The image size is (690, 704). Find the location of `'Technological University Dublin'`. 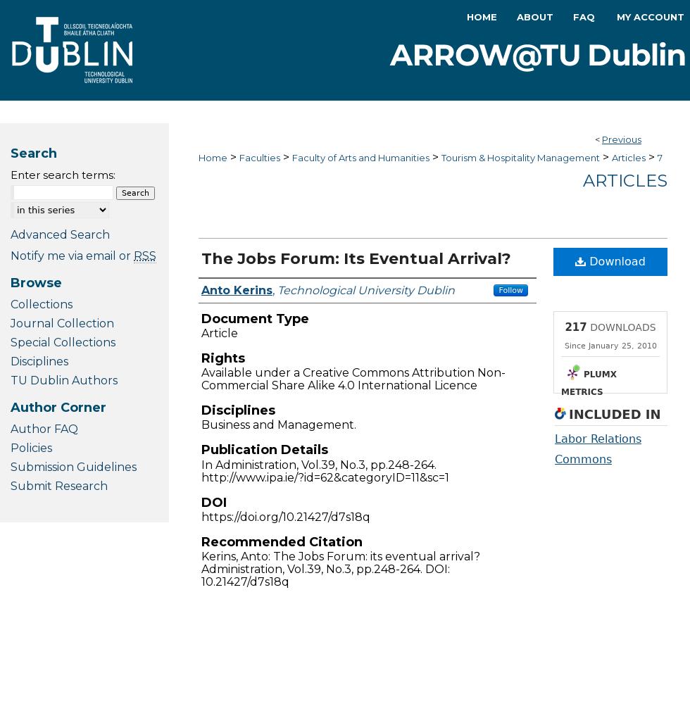

'Technological University Dublin' is located at coordinates (365, 289).